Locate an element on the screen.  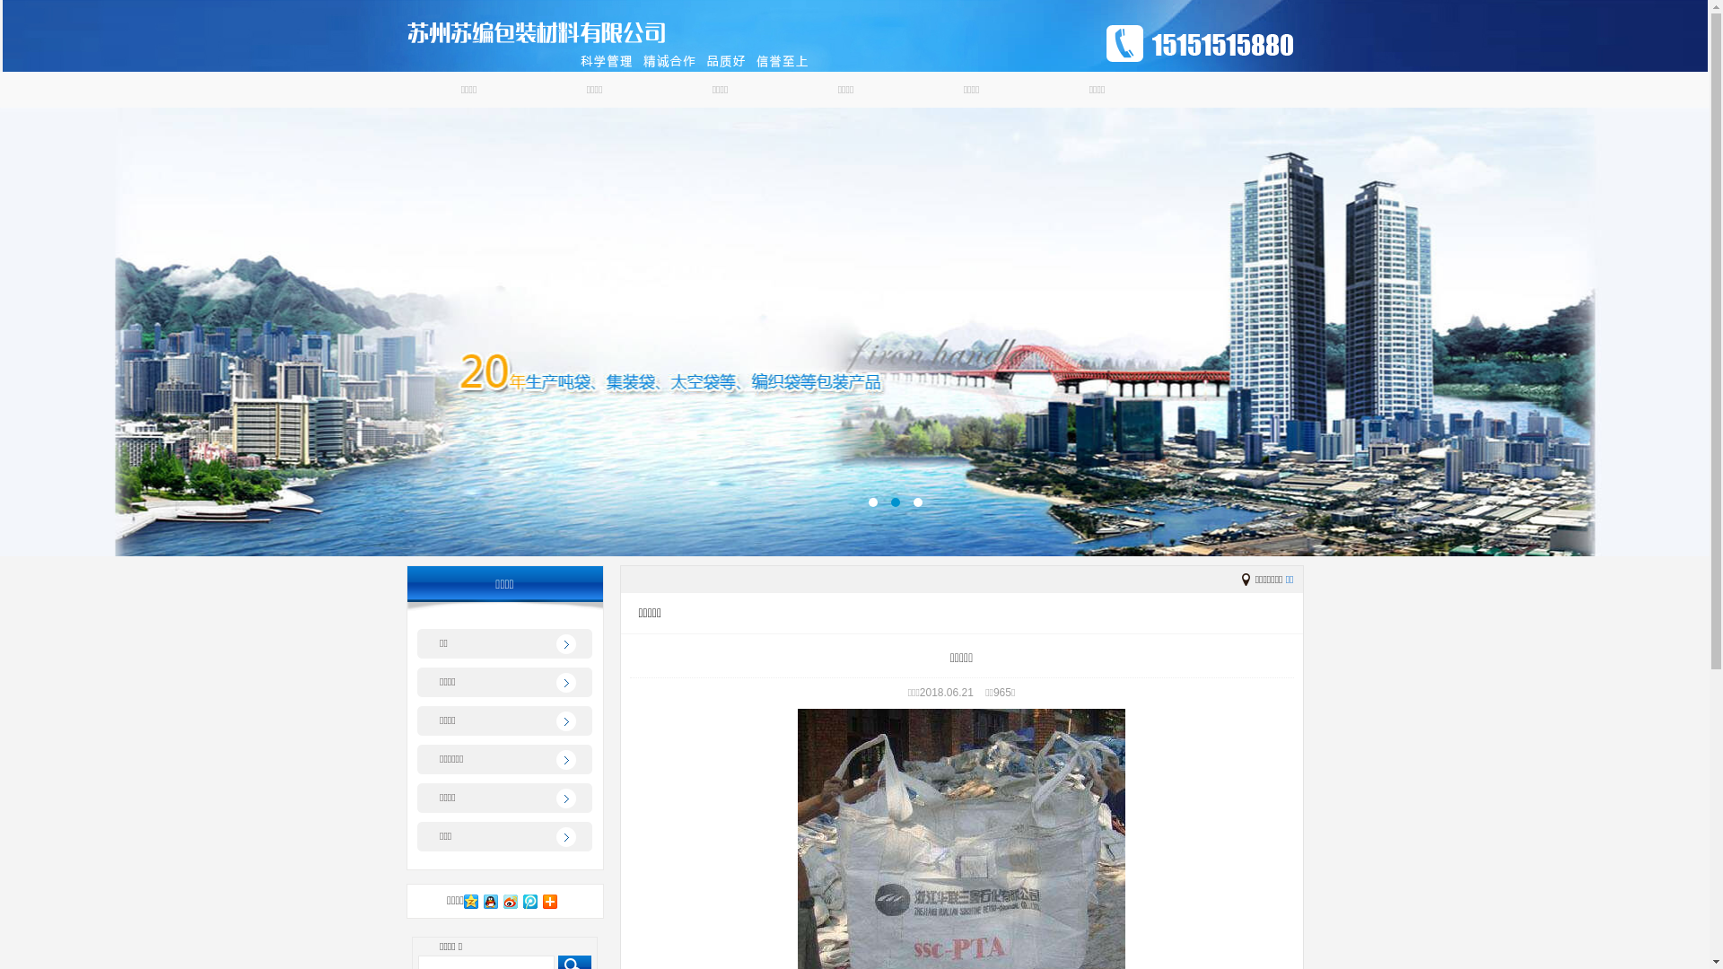
'3' is located at coordinates (917, 502).